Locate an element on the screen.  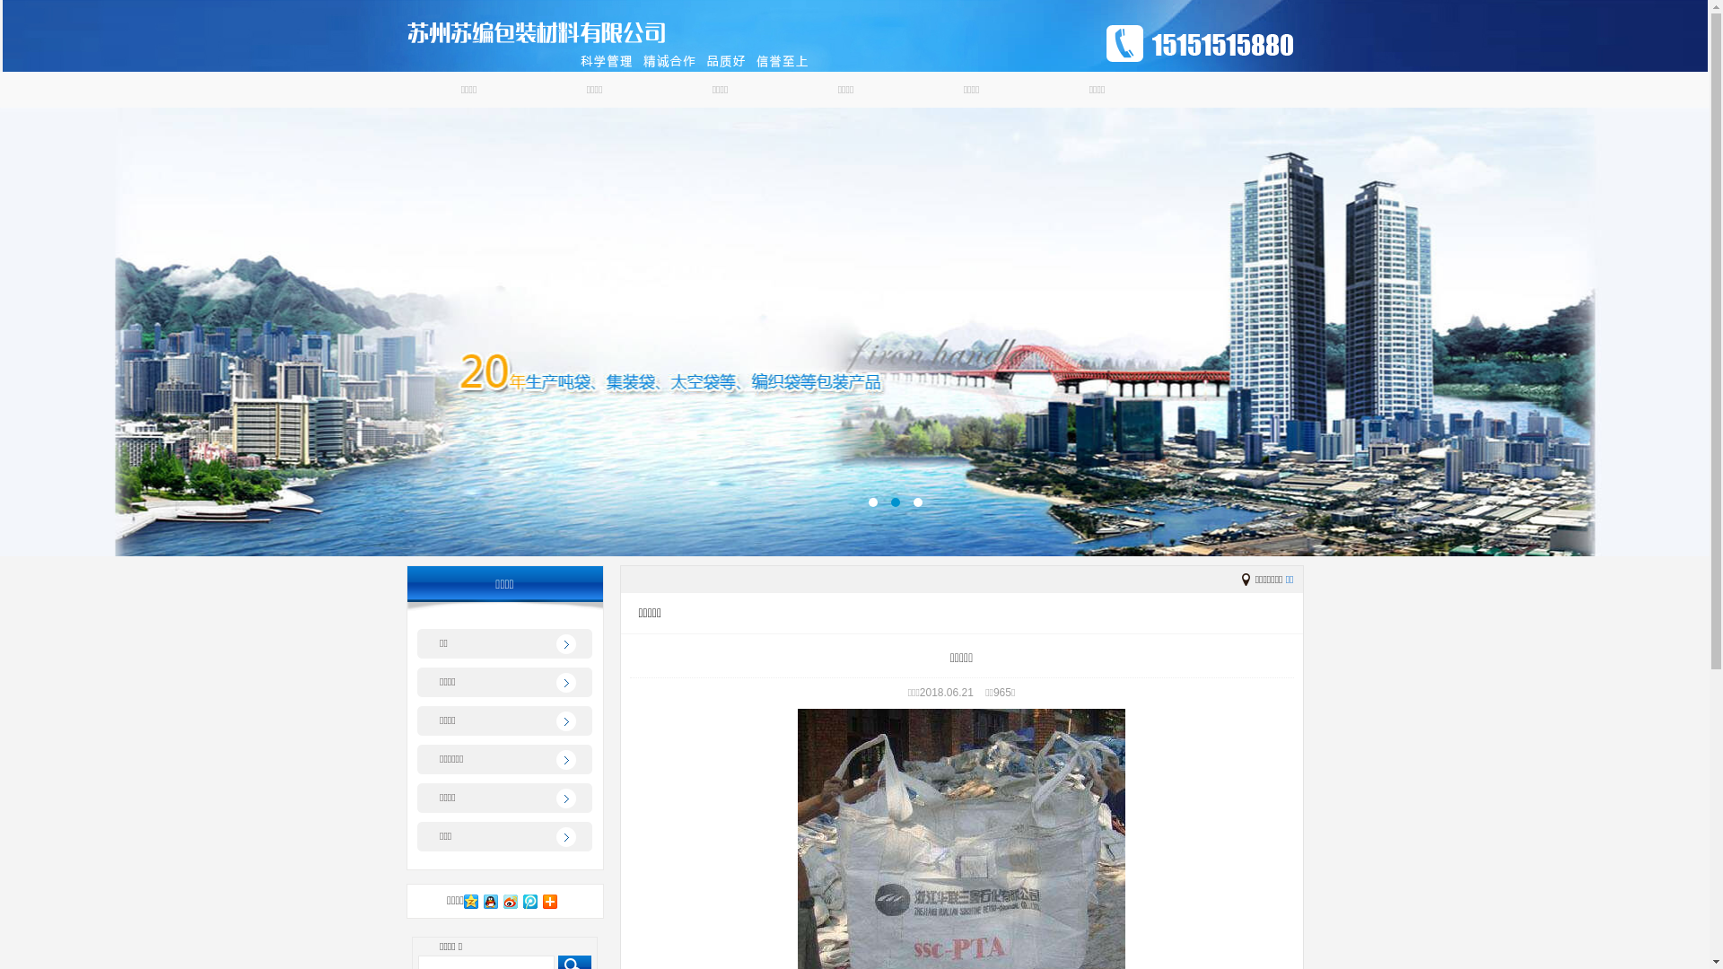
'3' is located at coordinates (917, 502).